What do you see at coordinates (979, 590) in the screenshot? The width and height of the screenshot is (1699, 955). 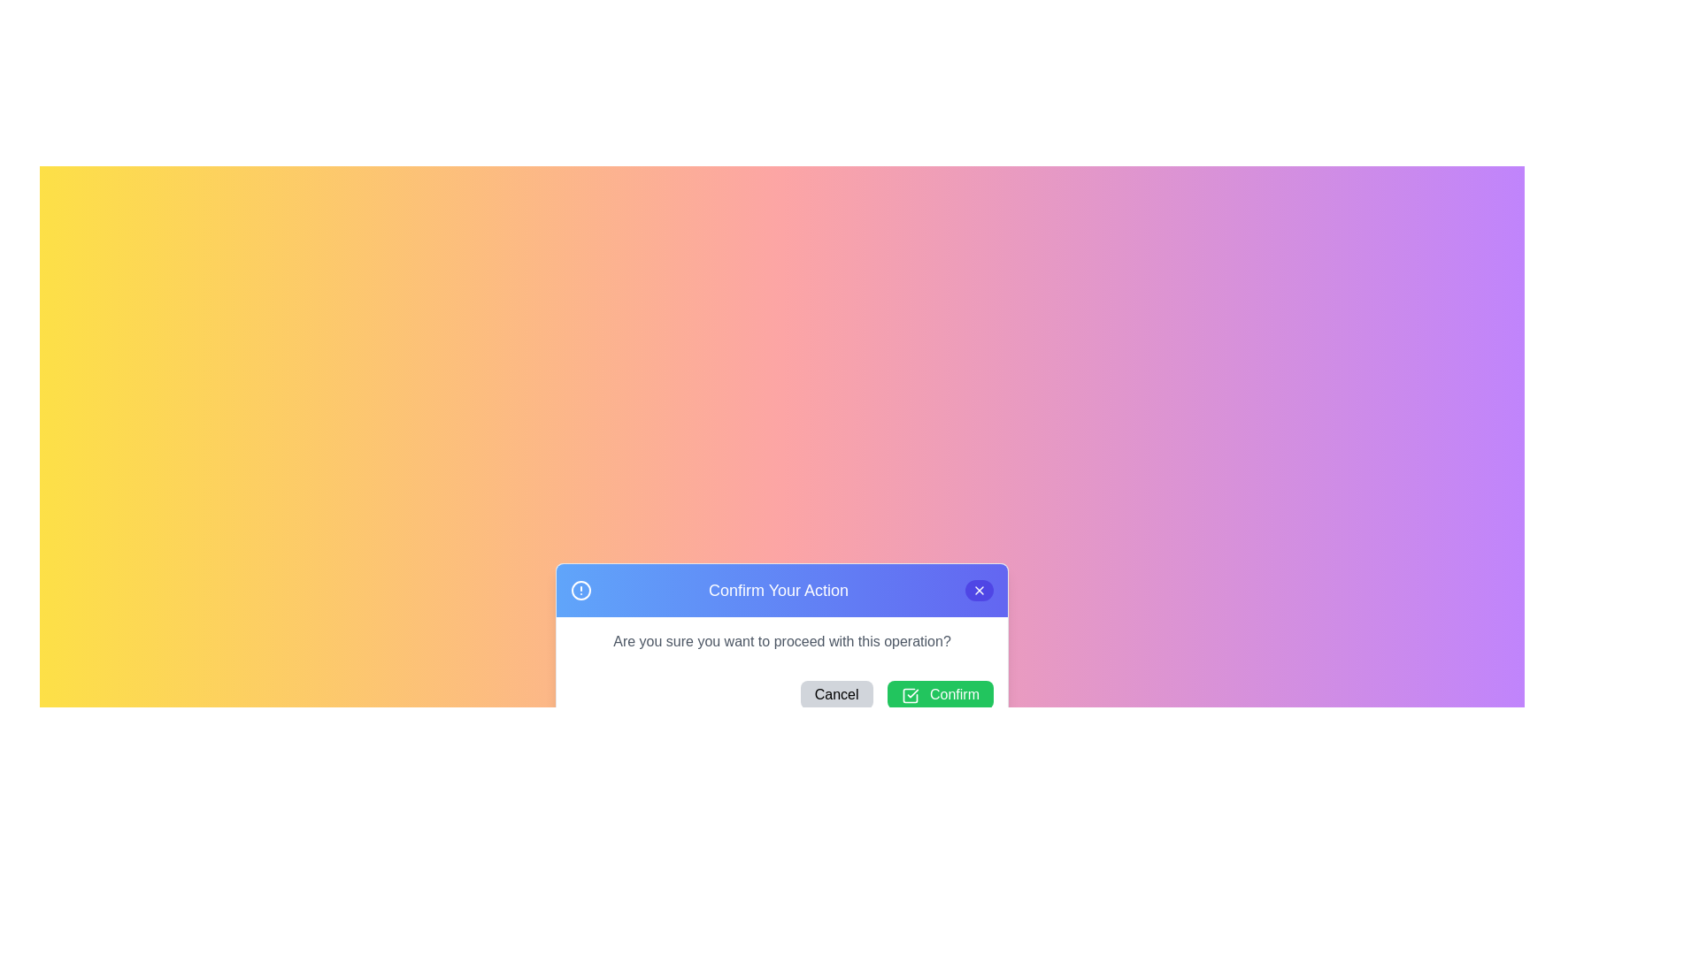 I see `the close button styled as an 'X' shape located at the top-right corner of the modal window` at bounding box center [979, 590].